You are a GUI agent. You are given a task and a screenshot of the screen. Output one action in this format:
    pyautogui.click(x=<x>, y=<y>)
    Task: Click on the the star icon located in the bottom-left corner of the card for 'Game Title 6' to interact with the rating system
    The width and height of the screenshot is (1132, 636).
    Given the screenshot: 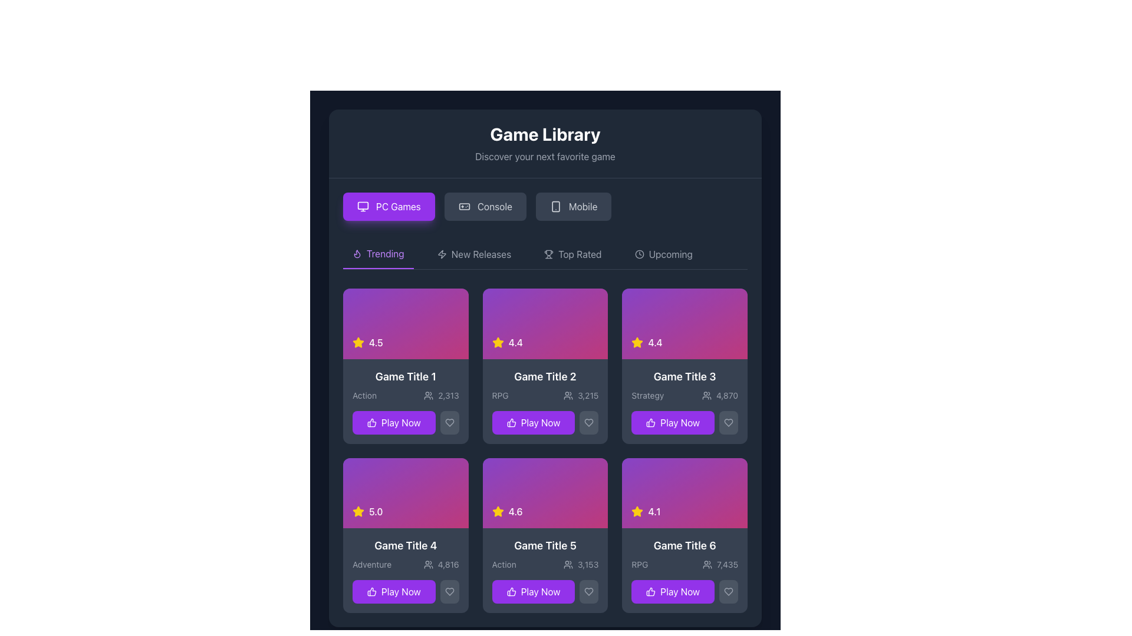 What is the action you would take?
    pyautogui.click(x=637, y=511)
    